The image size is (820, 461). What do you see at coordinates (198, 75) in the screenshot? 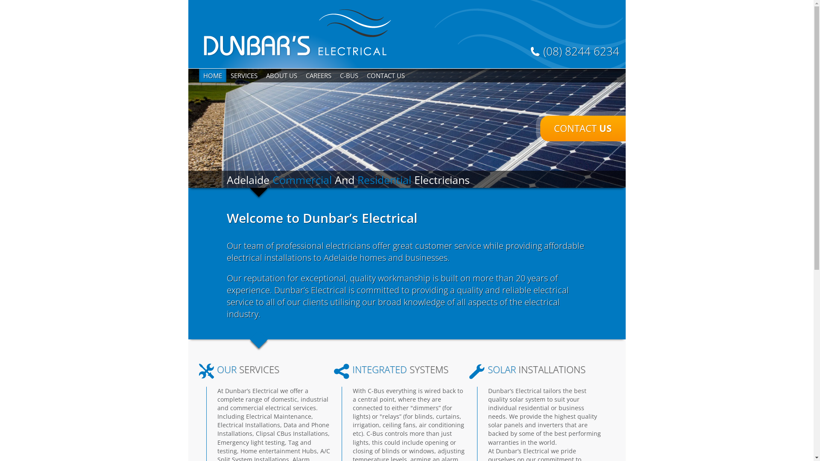
I see `'HOME'` at bounding box center [198, 75].